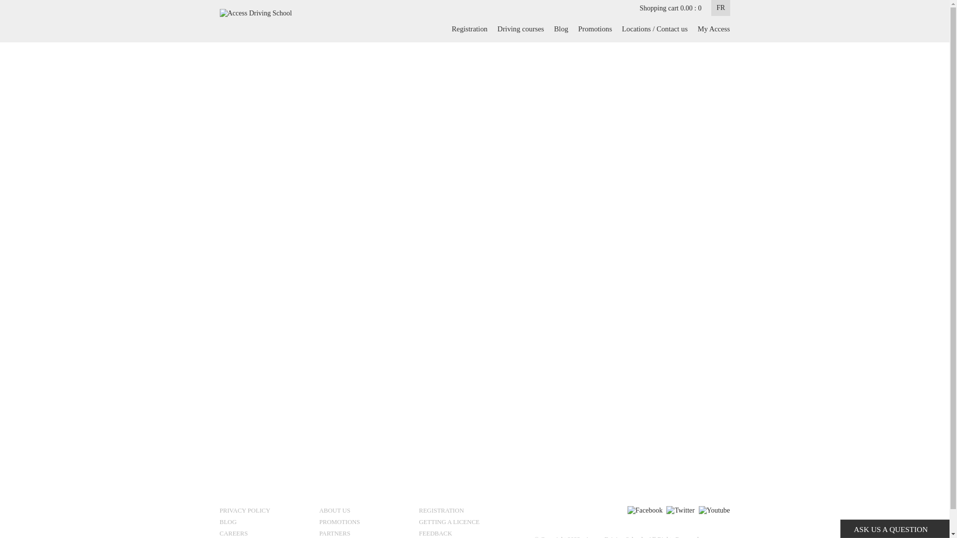 This screenshot has width=957, height=538. What do you see at coordinates (561, 28) in the screenshot?
I see `'Blog'` at bounding box center [561, 28].